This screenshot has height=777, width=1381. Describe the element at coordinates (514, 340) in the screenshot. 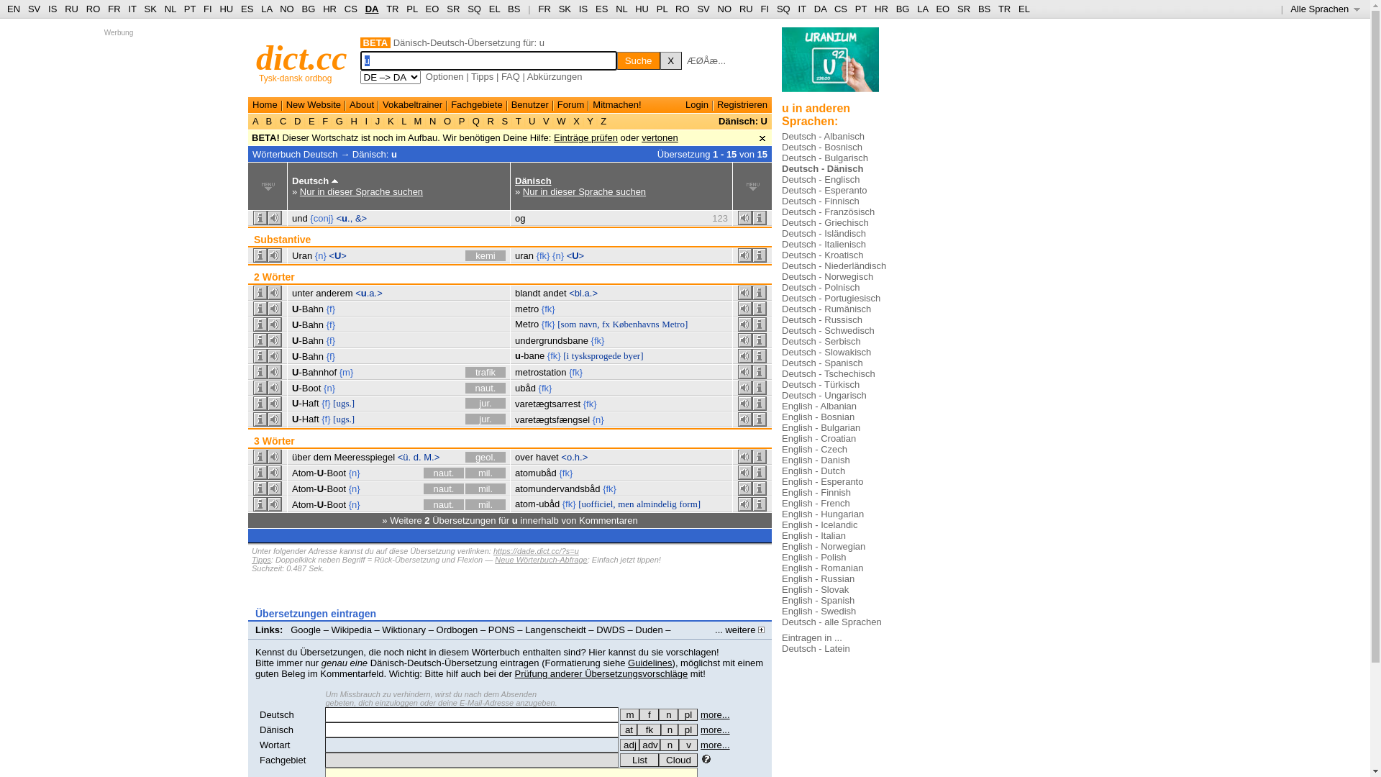

I see `'undergrundsbane'` at that location.